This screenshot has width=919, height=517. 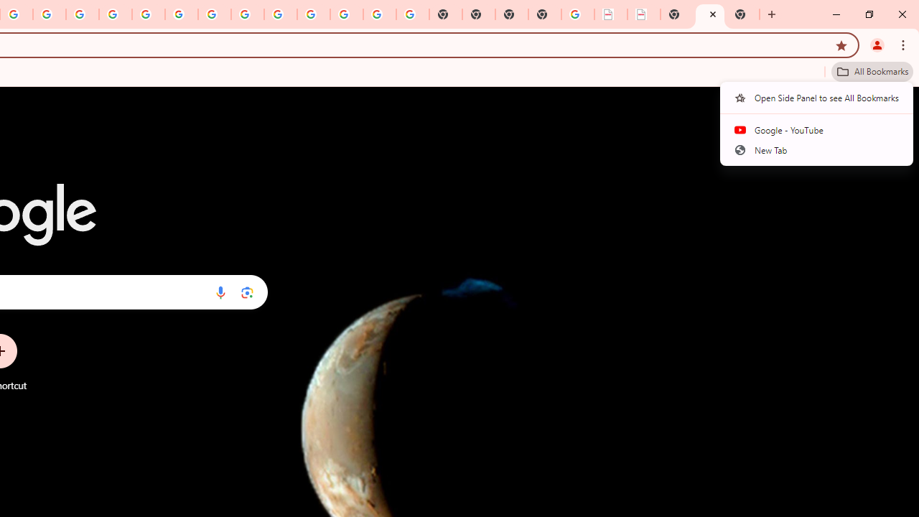 I want to click on 'Privacy Help Center - Policies Help', so click(x=82, y=14).